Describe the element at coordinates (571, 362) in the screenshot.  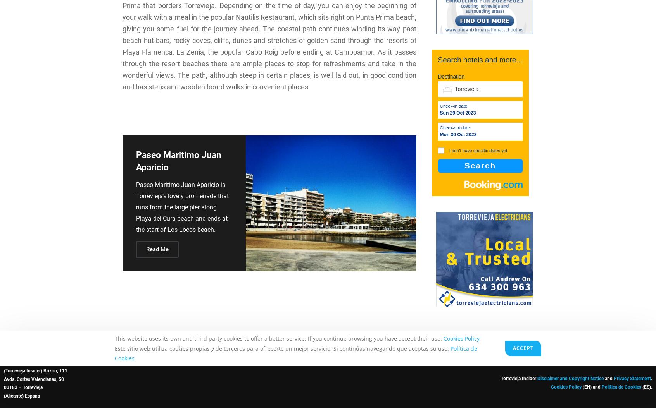
I see `'Costa Insider'` at that location.